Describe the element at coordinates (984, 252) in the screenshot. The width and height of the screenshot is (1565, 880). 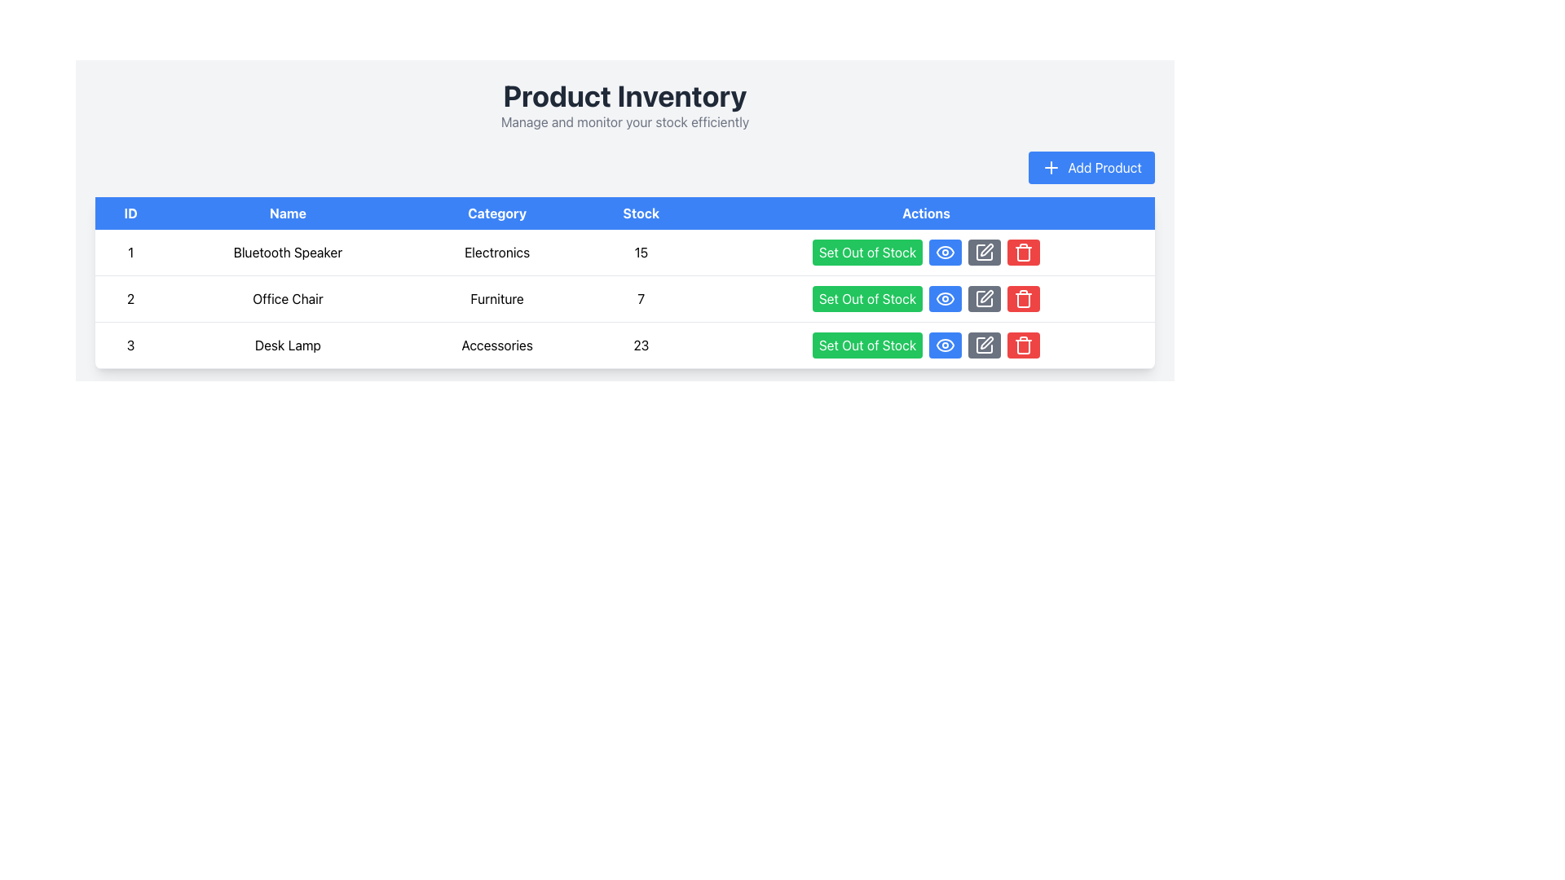
I see `the edit button located in the 'Actions' column of the data table for the 'Desk Lamp' entry` at that location.